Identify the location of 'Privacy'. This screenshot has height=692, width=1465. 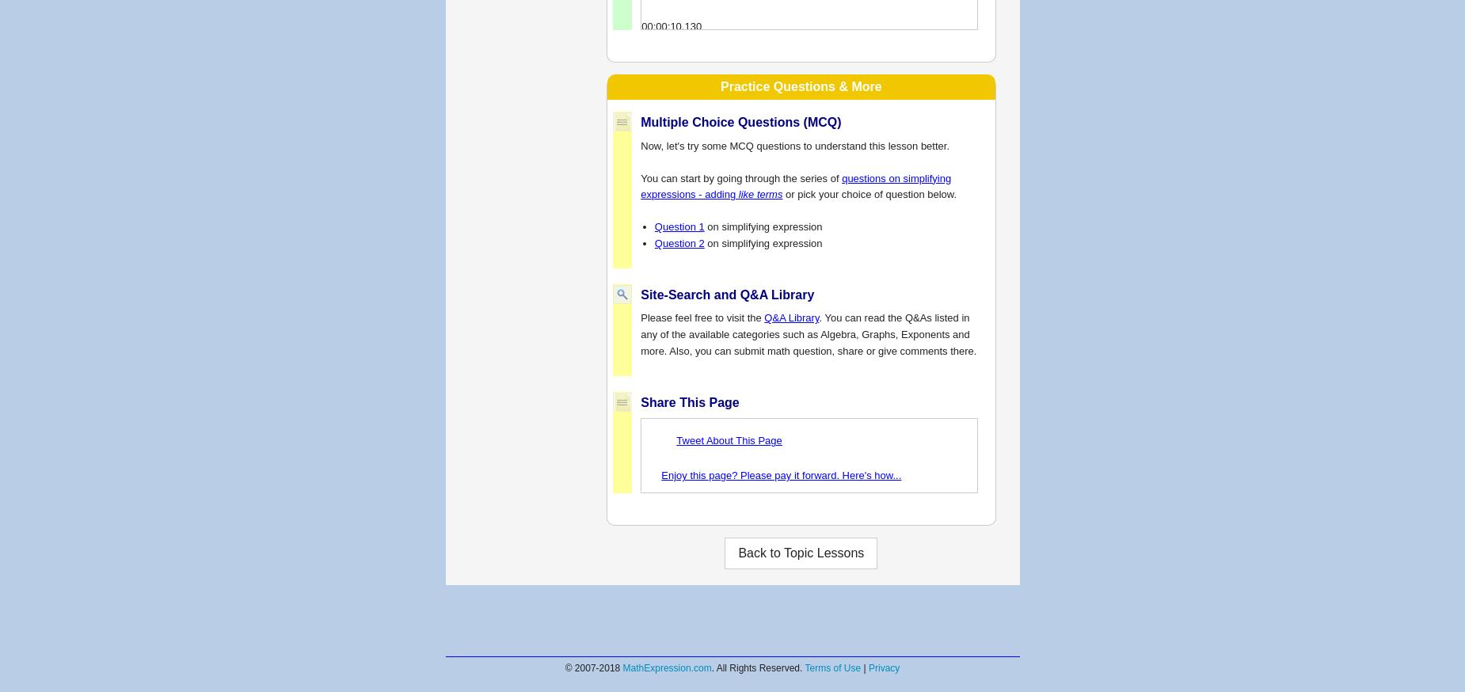
(866, 668).